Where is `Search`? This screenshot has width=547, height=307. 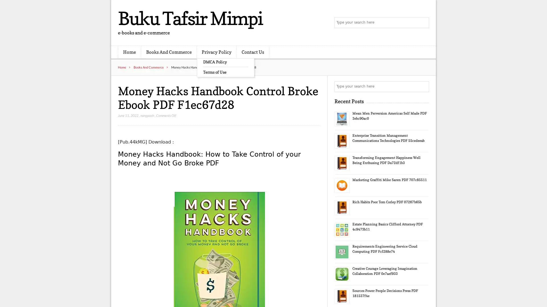
Search is located at coordinates (423, 86).